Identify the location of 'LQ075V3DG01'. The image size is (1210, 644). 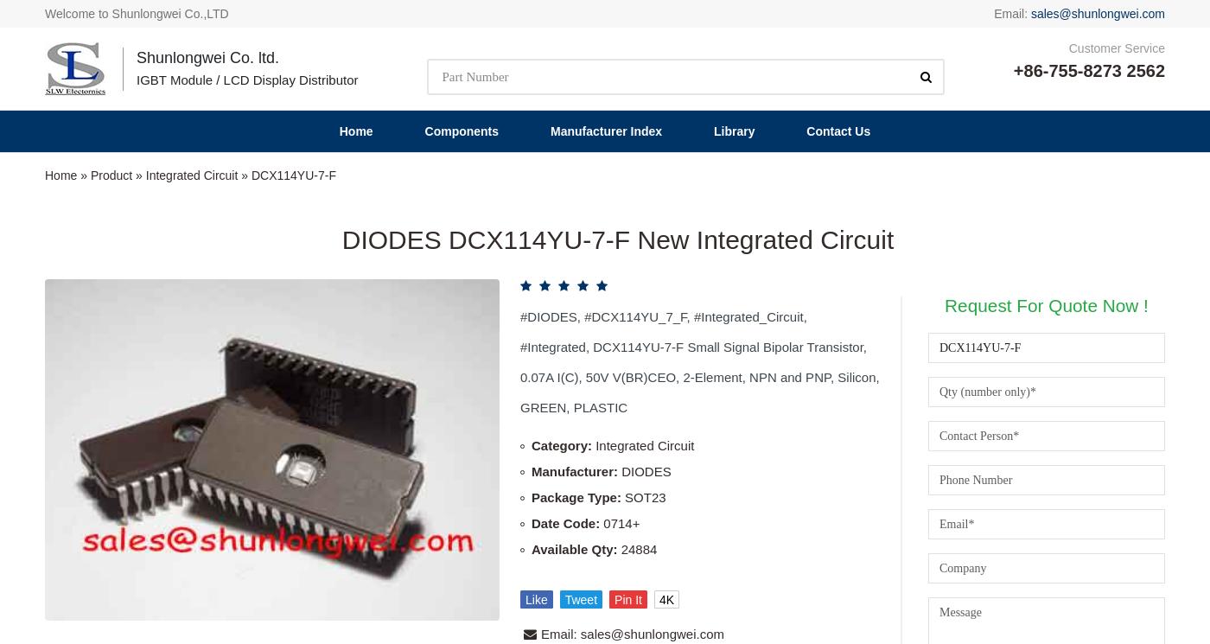
(1082, 507).